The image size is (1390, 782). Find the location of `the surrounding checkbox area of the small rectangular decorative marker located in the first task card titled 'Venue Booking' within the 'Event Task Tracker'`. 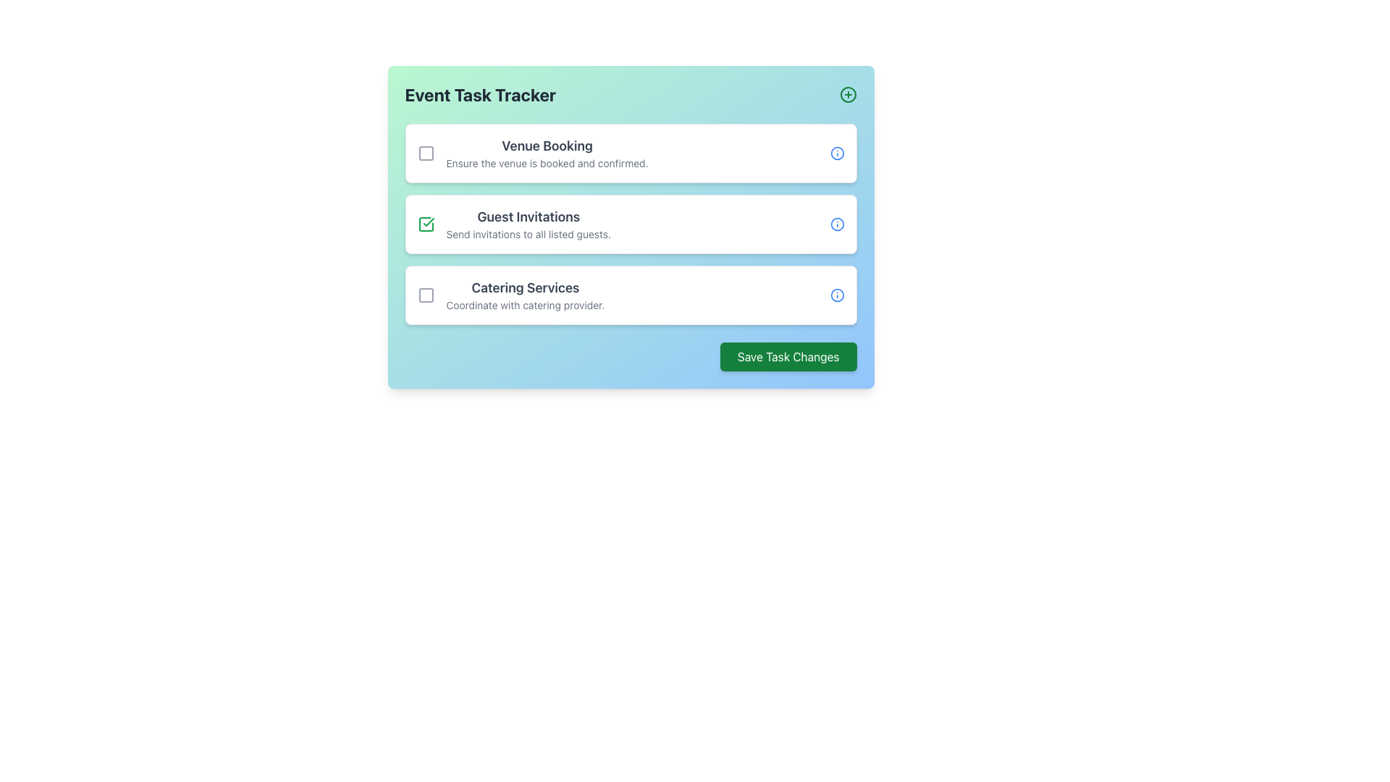

the surrounding checkbox area of the small rectangular decorative marker located in the first task card titled 'Venue Booking' within the 'Event Task Tracker' is located at coordinates (425, 154).